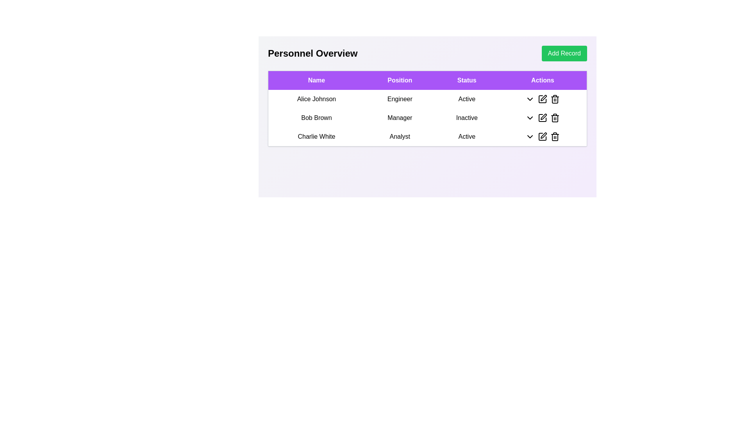 This screenshot has width=750, height=422. I want to click on the second row in the 'Personnel Overview' table containing the user information for 'Bob Brown', 'Manager', and 'Inactive', so click(427, 118).